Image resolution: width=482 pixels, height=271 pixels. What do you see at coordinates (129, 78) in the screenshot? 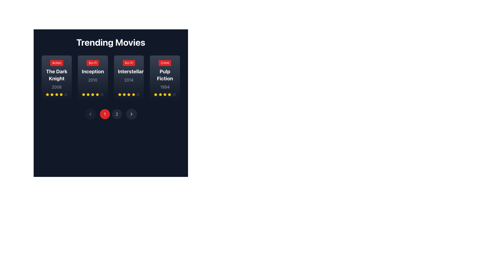
I see `the individual stars for rating adjustments on the Interactive movie display panel located in the third position from the left under the 'Trending Movies' heading` at bounding box center [129, 78].